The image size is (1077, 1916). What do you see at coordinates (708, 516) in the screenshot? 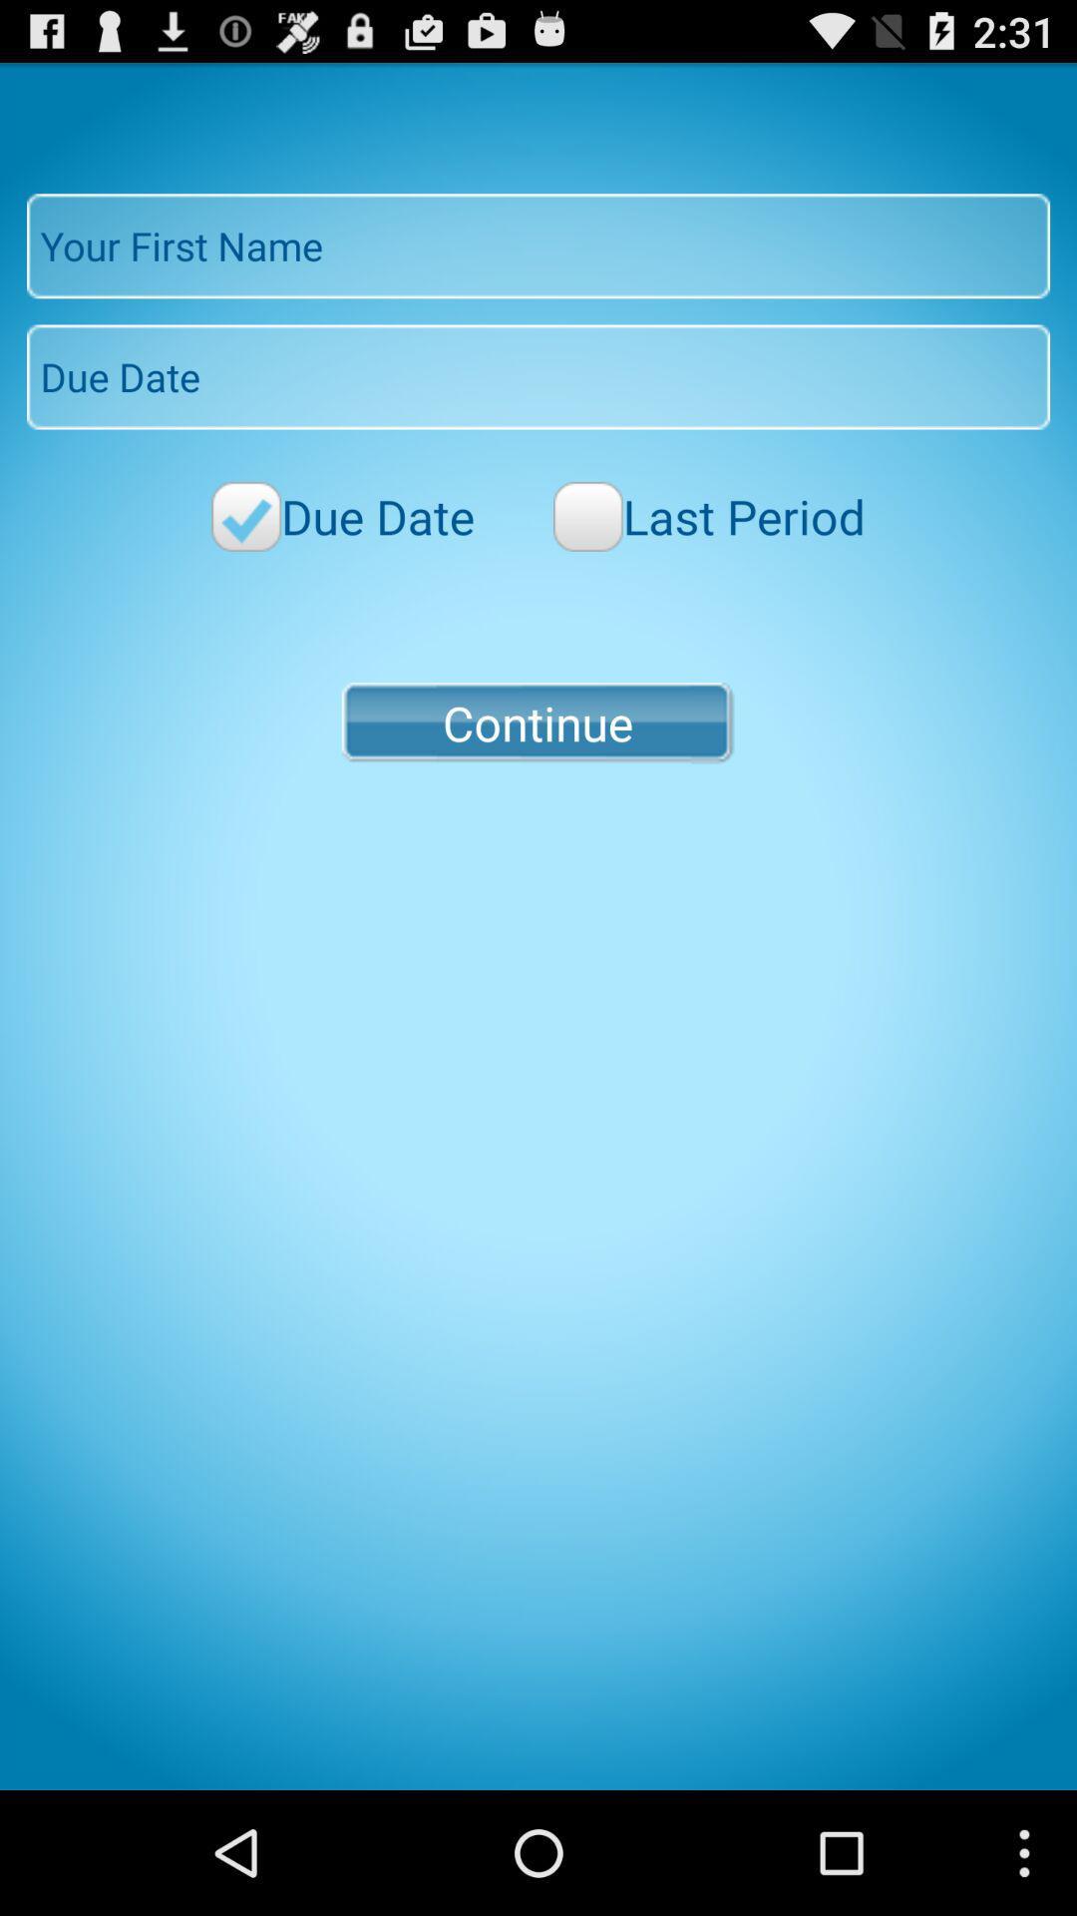
I see `last period` at bounding box center [708, 516].